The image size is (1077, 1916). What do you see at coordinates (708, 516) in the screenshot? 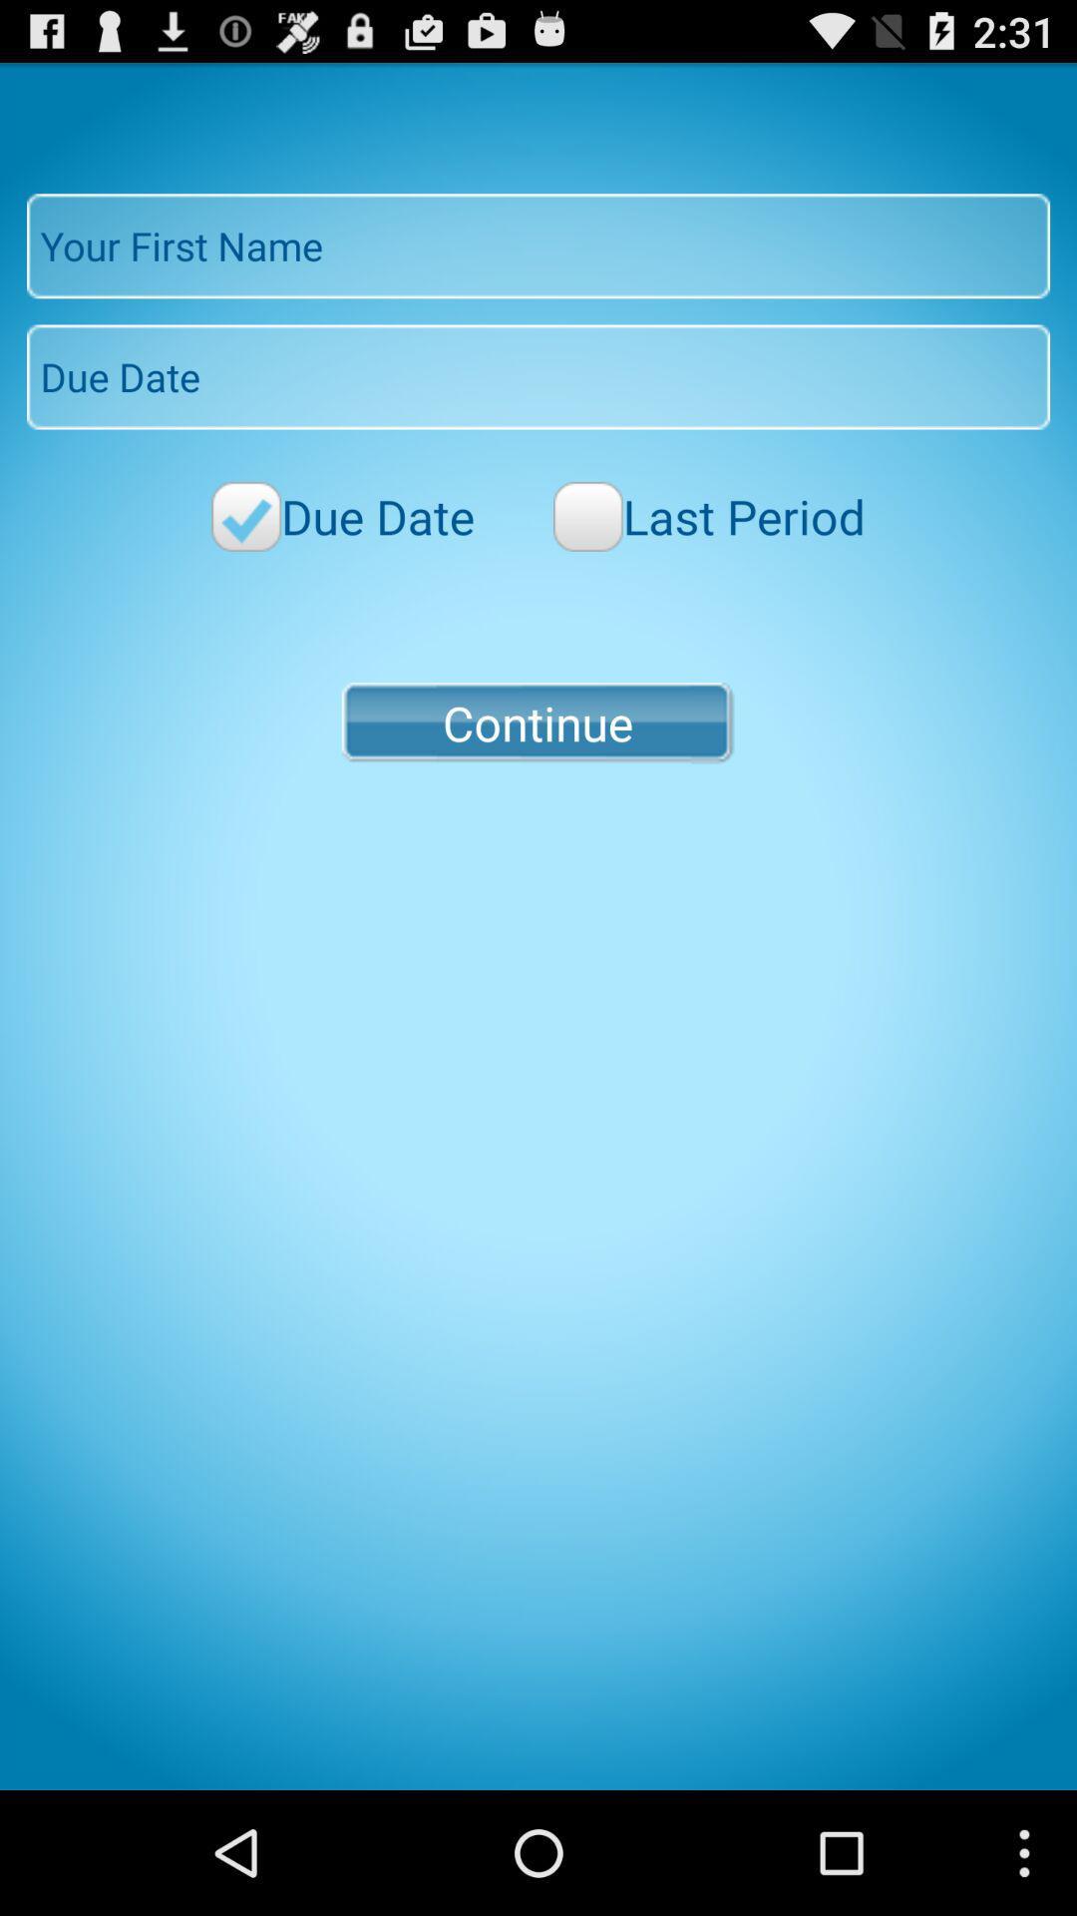
I see `last period` at bounding box center [708, 516].